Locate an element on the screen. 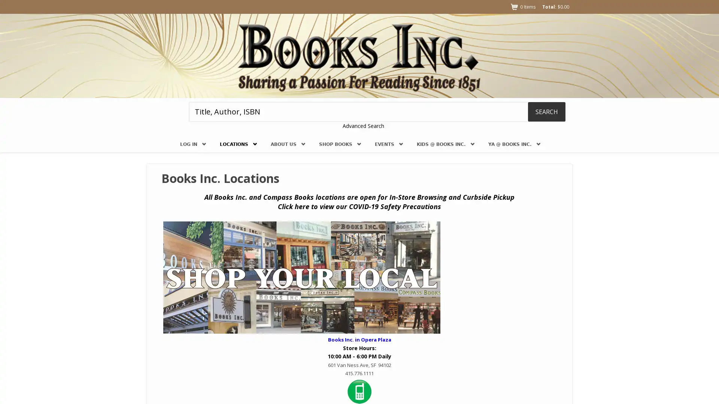 The image size is (719, 404). Search is located at coordinates (546, 111).